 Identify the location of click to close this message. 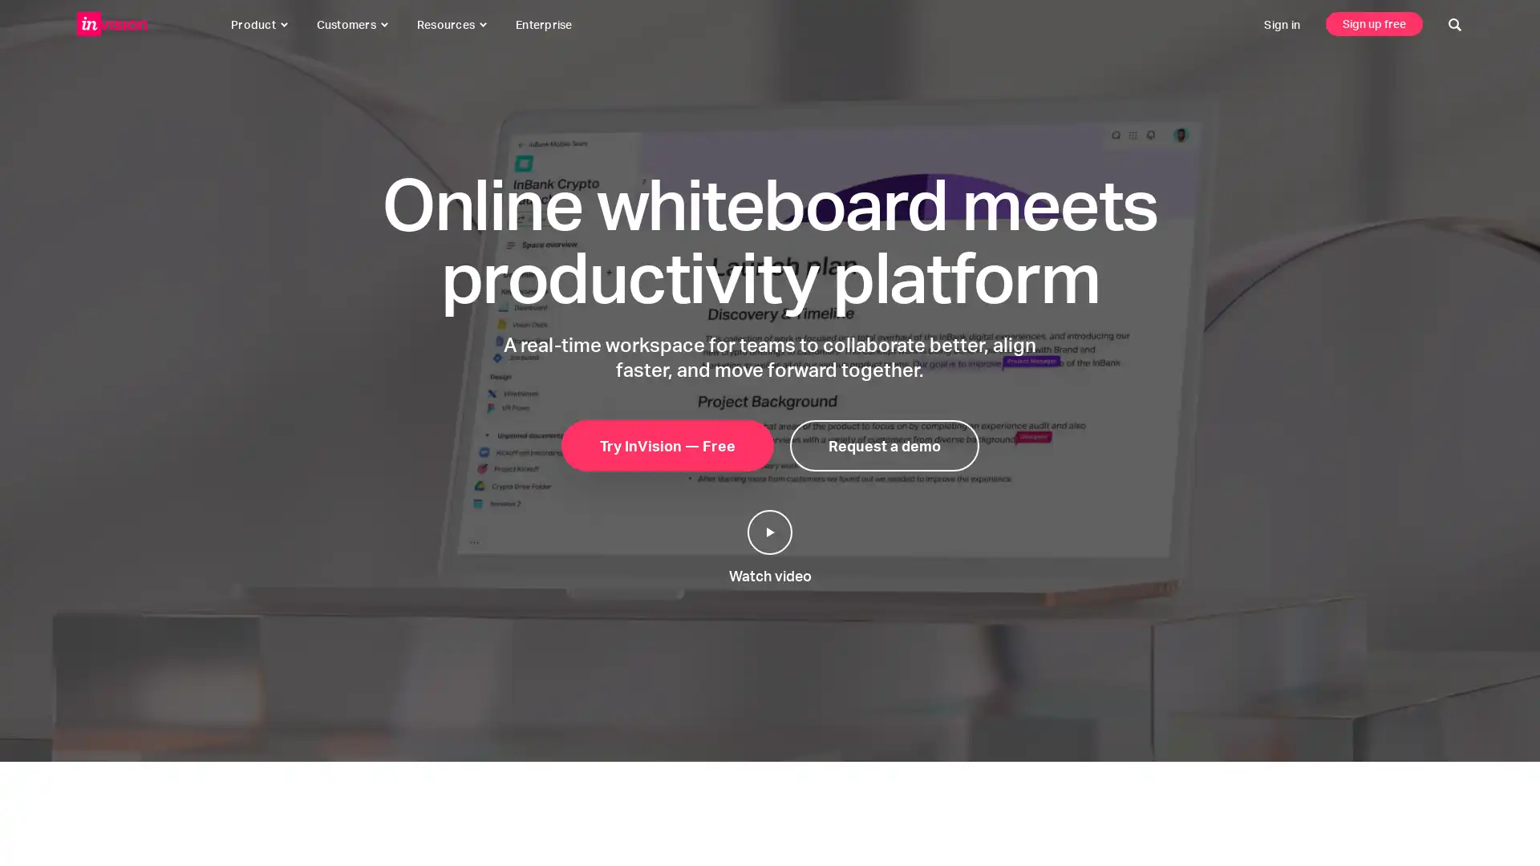
(1453, 780).